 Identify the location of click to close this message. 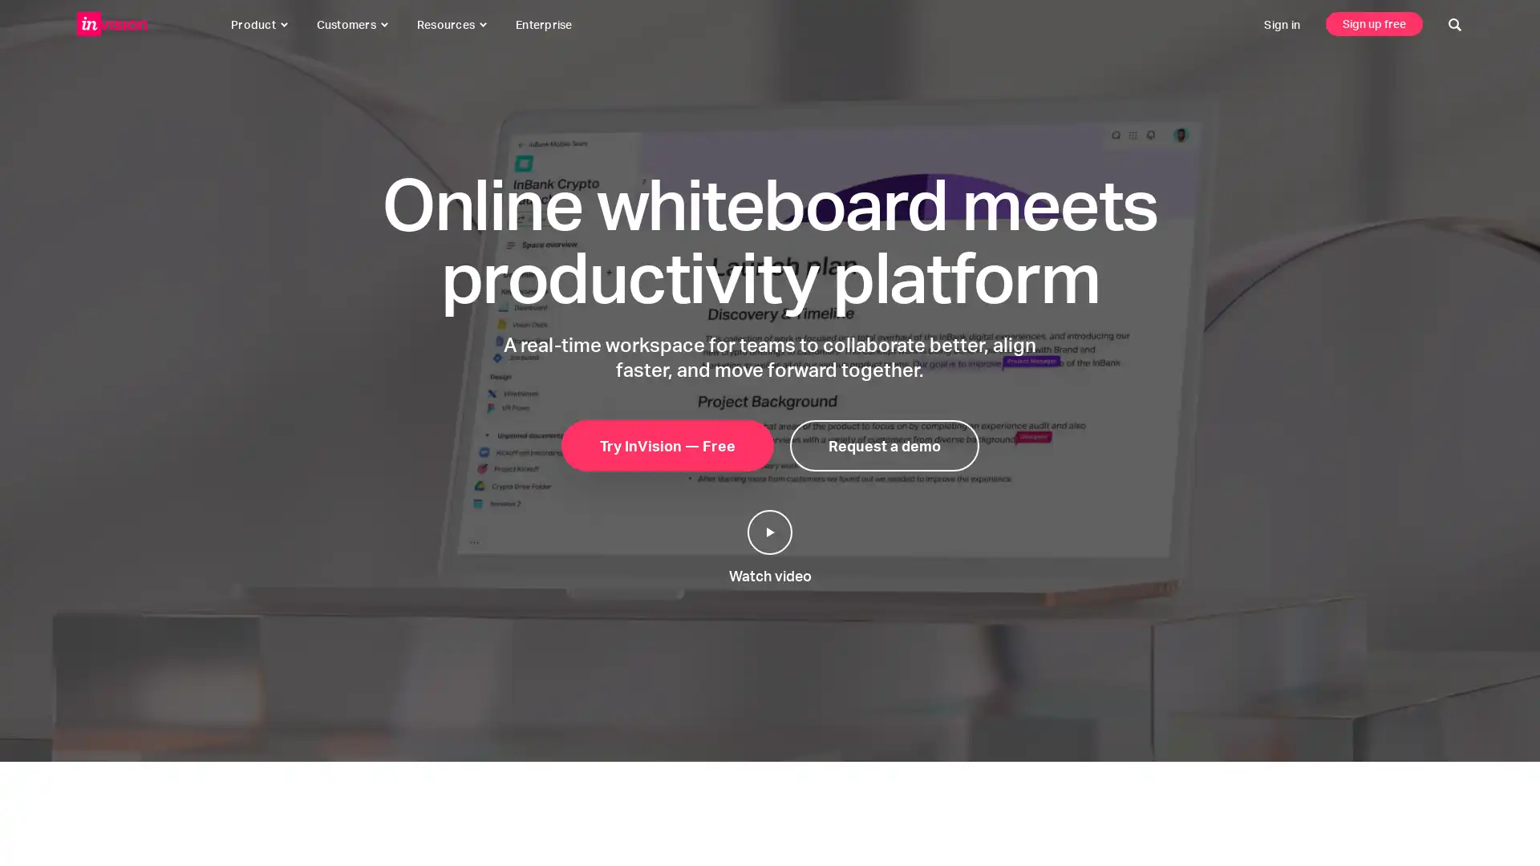
(1453, 780).